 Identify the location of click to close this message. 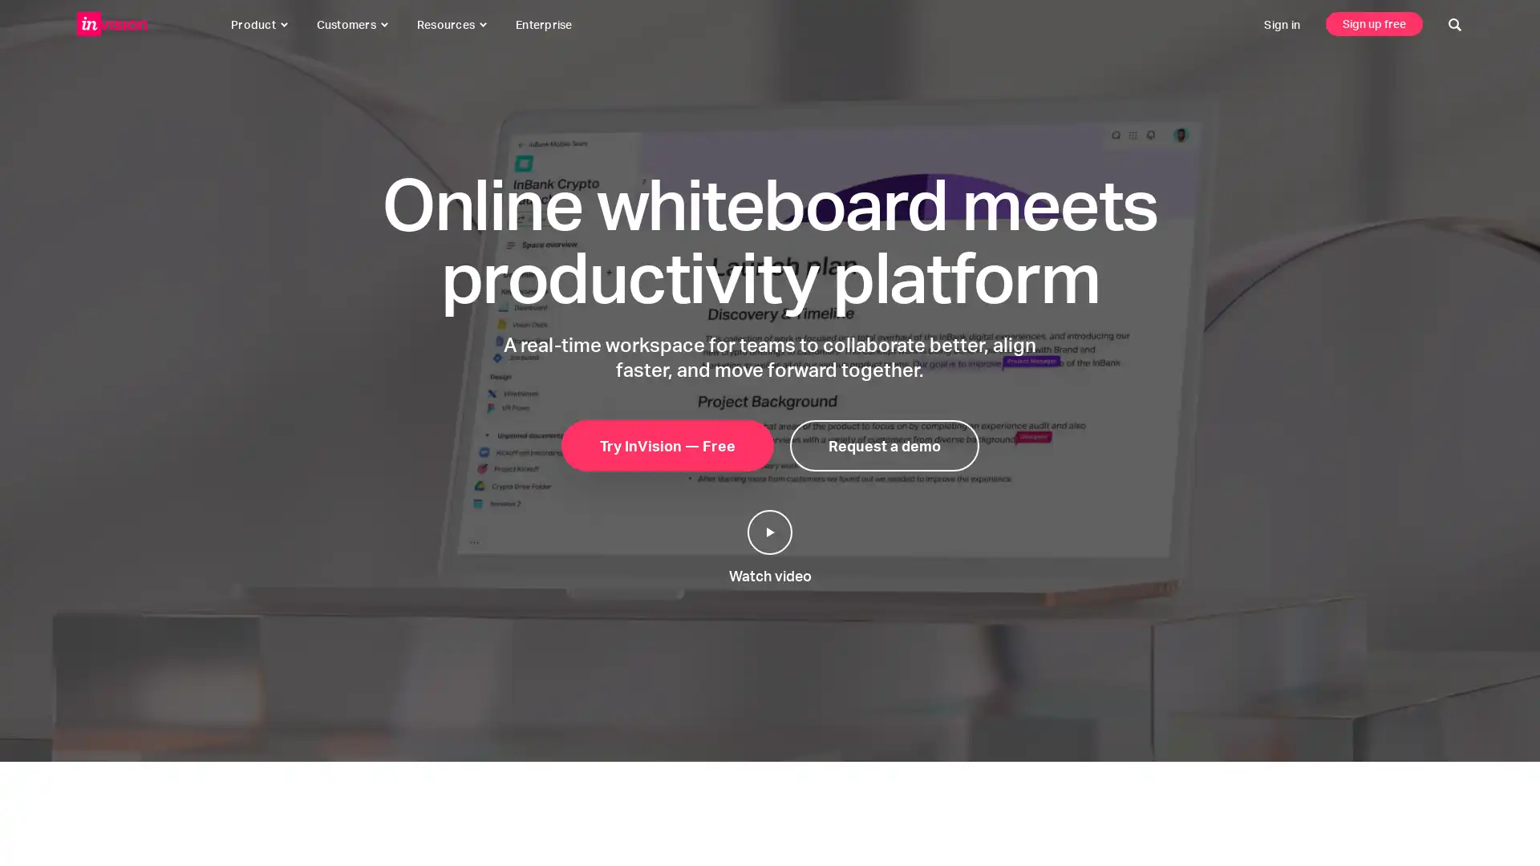
(1453, 780).